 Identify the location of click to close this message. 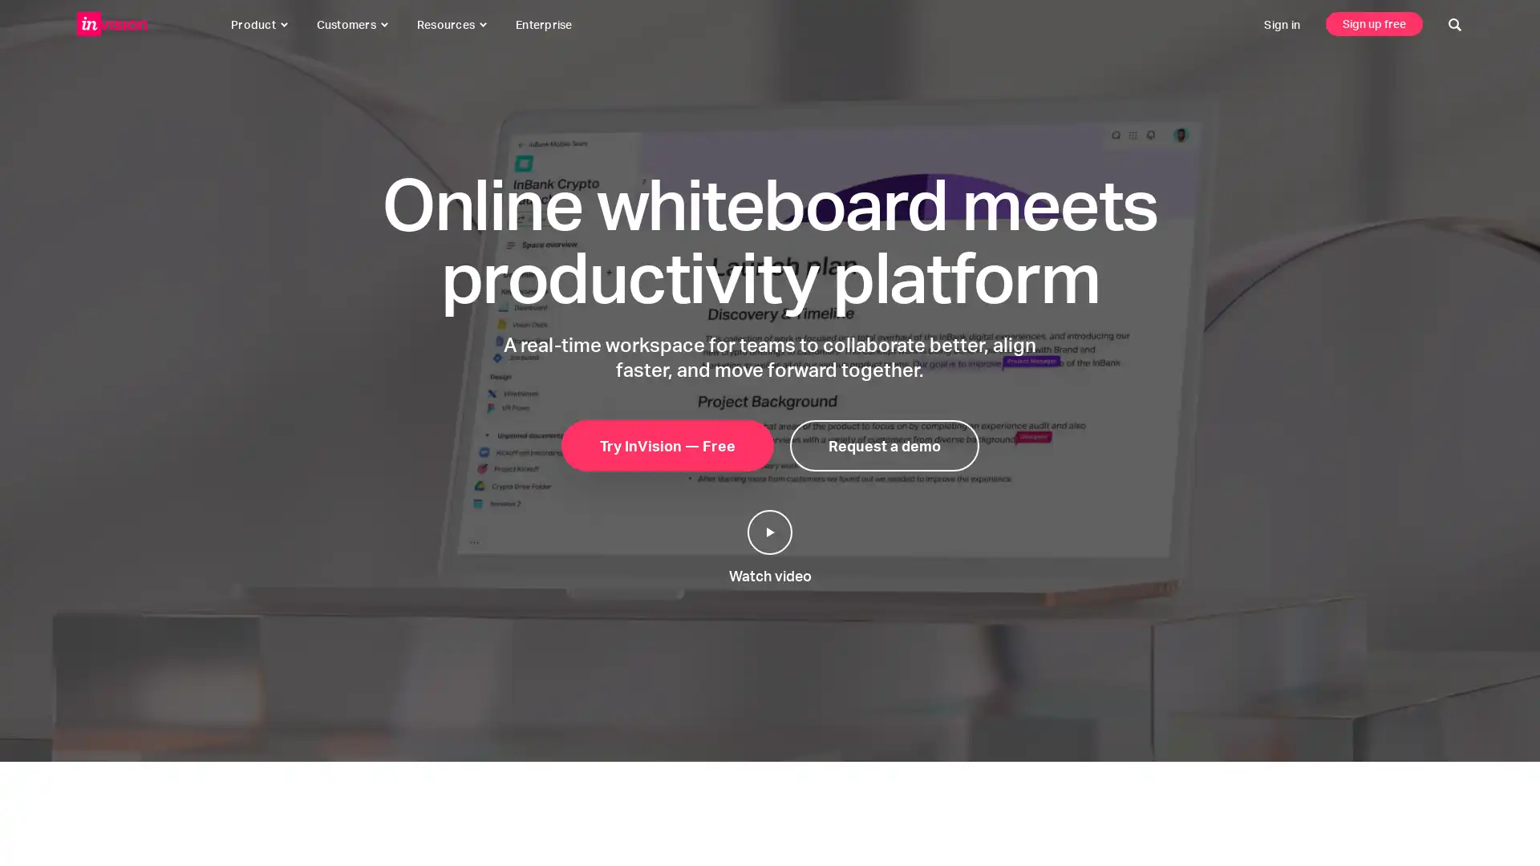
(1453, 780).